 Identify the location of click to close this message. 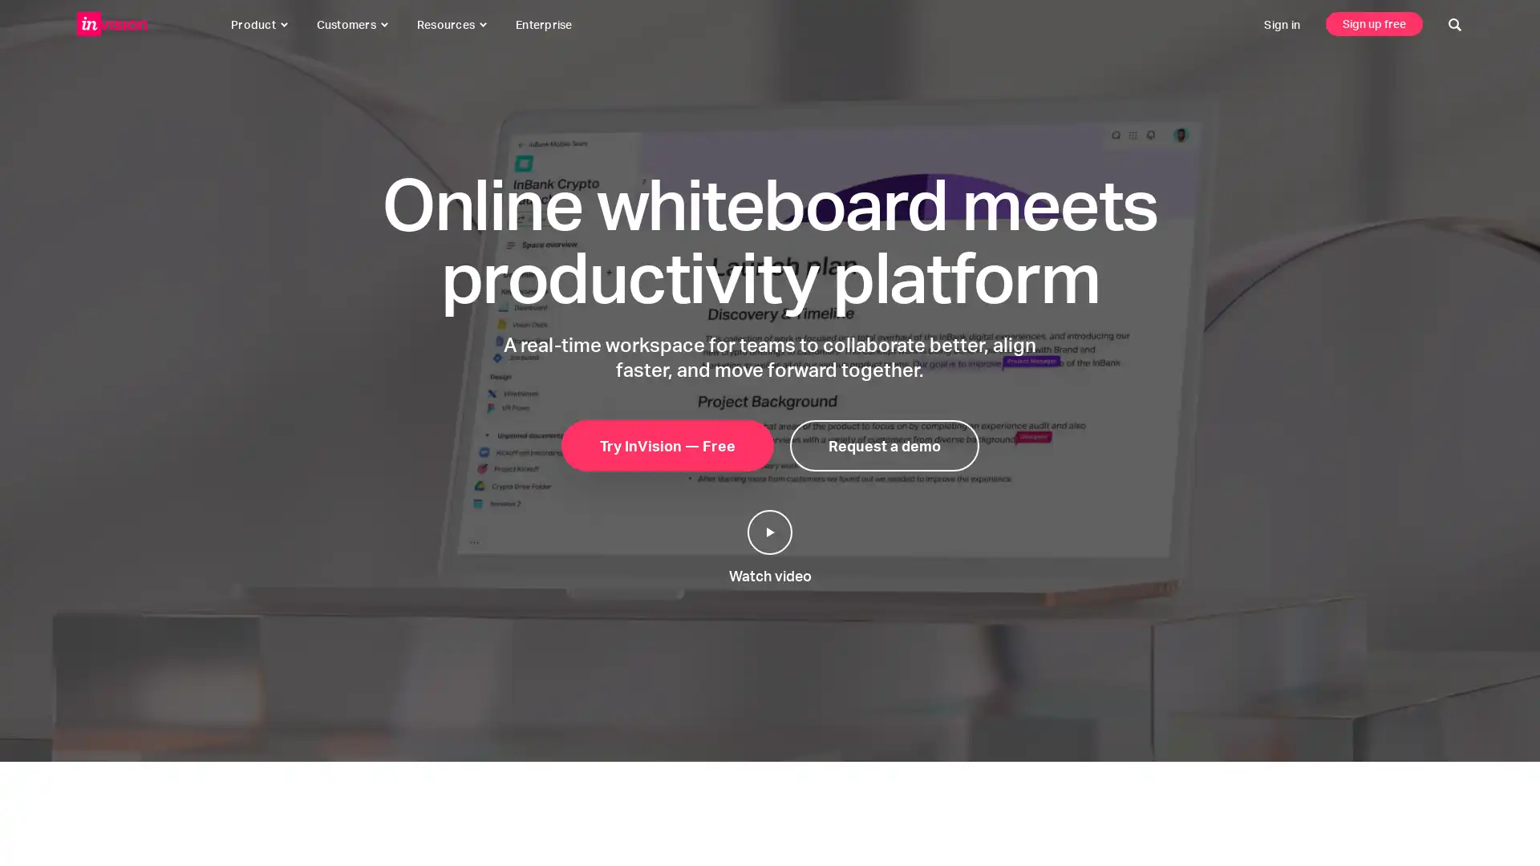
(1453, 780).